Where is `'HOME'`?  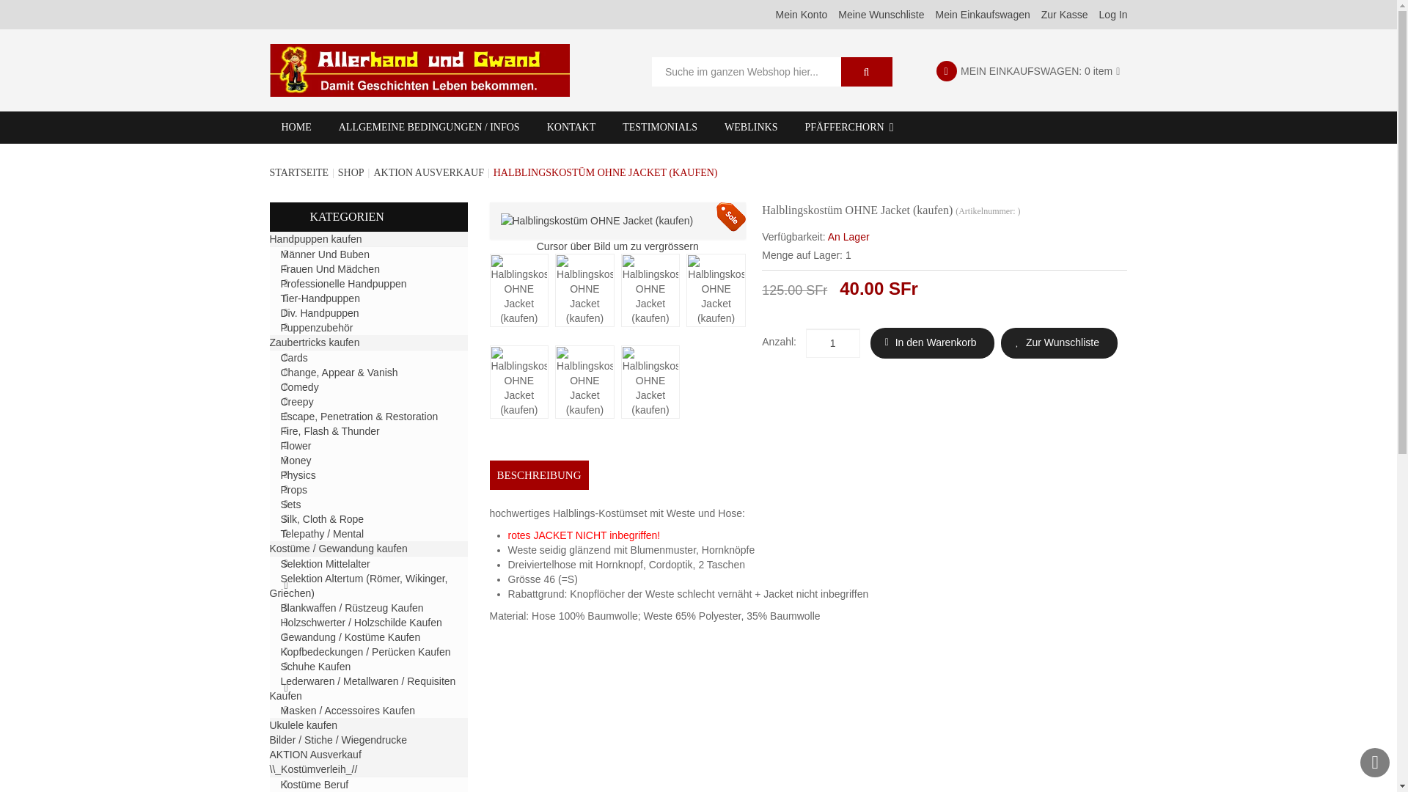
'HOME' is located at coordinates (296, 126).